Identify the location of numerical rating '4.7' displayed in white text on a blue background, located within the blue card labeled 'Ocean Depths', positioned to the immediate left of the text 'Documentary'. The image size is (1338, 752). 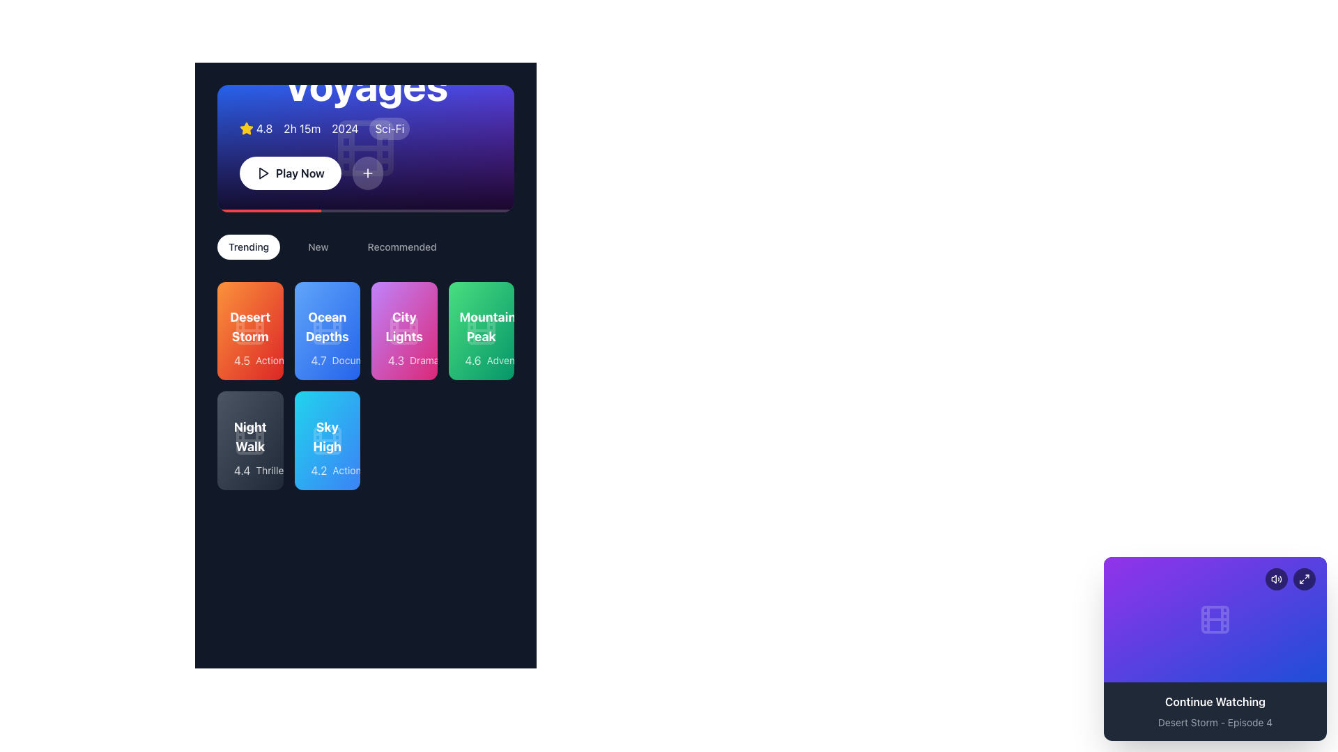
(318, 360).